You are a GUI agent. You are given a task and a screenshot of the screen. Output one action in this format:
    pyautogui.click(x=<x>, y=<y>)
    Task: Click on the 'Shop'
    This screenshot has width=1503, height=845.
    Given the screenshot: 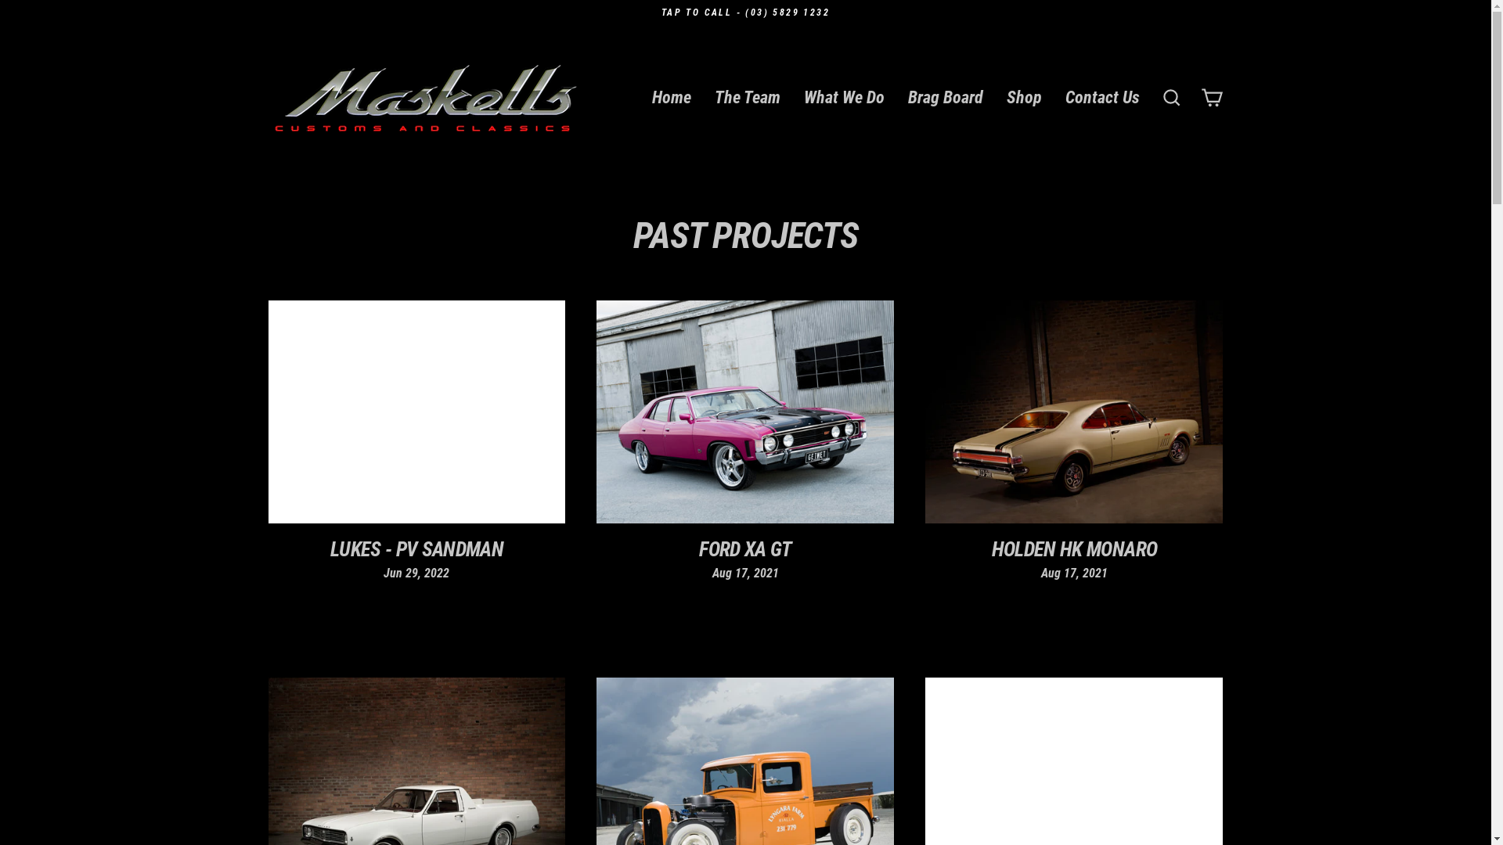 What is the action you would take?
    pyautogui.click(x=1023, y=97)
    